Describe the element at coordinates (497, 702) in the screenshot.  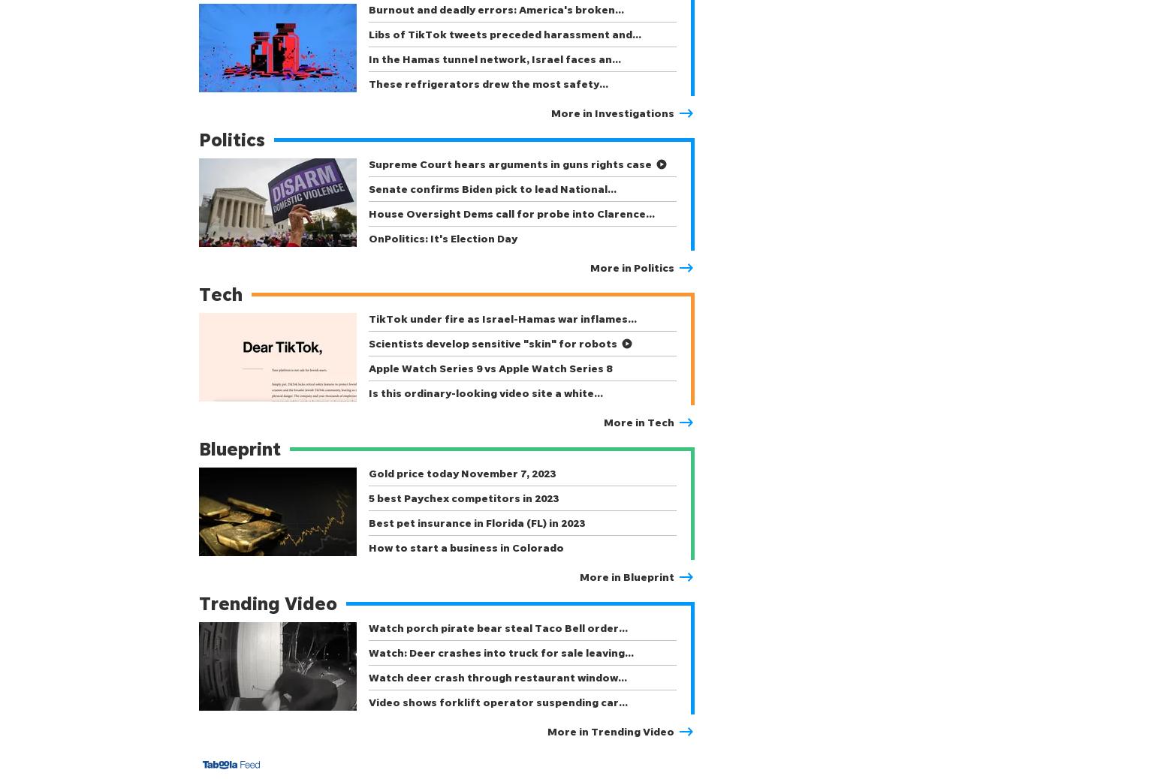
I see `'Video shows forklift operator suspending car…'` at that location.